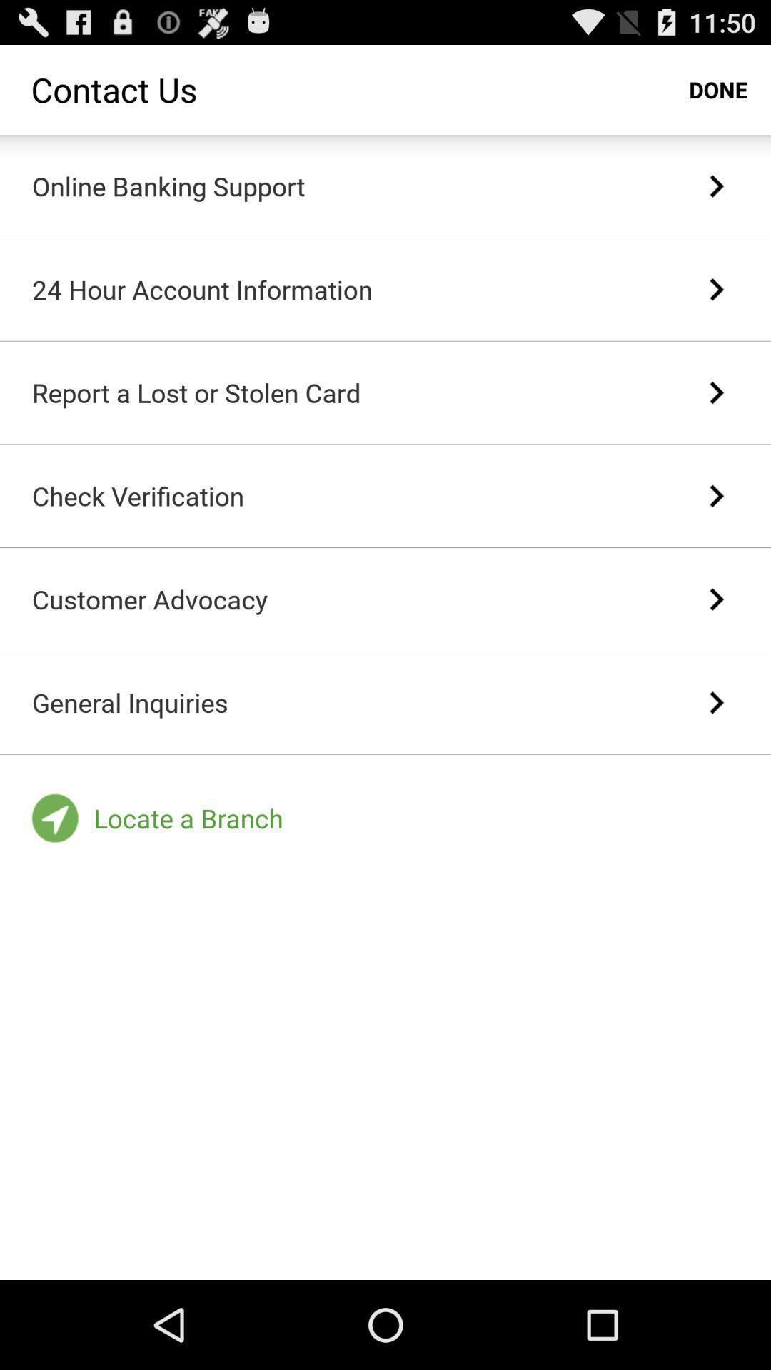 The height and width of the screenshot is (1370, 771). Describe the element at coordinates (716, 393) in the screenshot. I see `the third arrow icon from top` at that location.